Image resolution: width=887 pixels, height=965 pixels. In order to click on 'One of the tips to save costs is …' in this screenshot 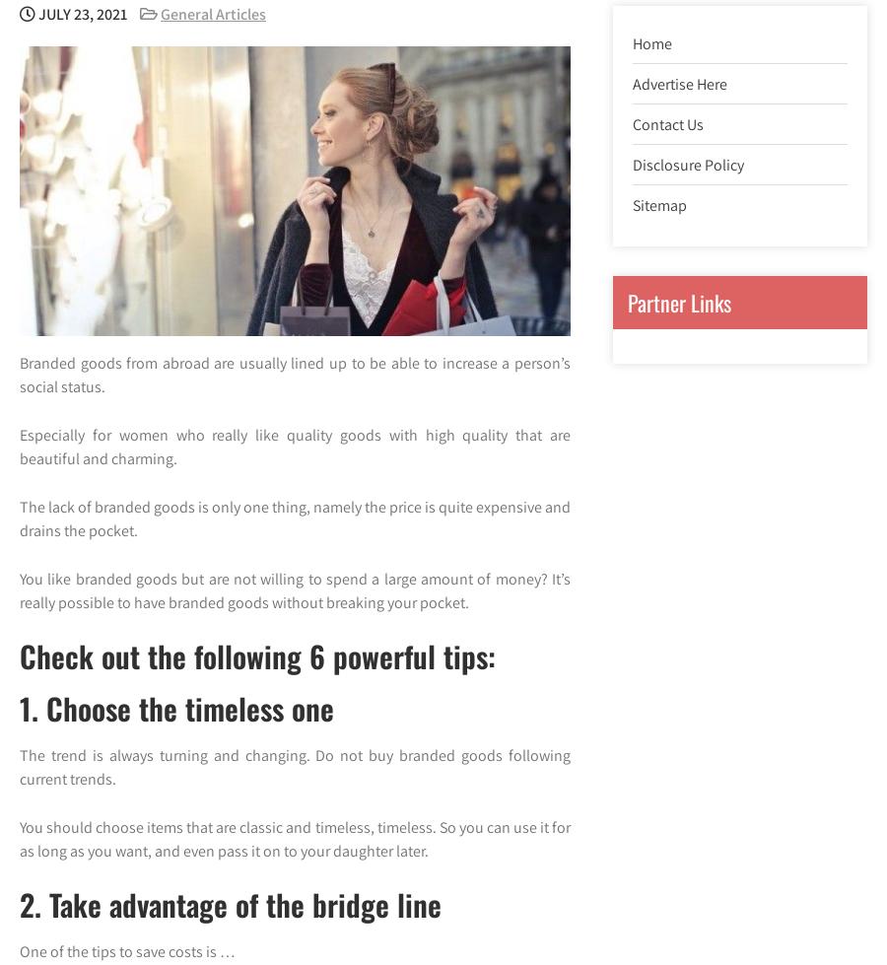, I will do `click(127, 949)`.